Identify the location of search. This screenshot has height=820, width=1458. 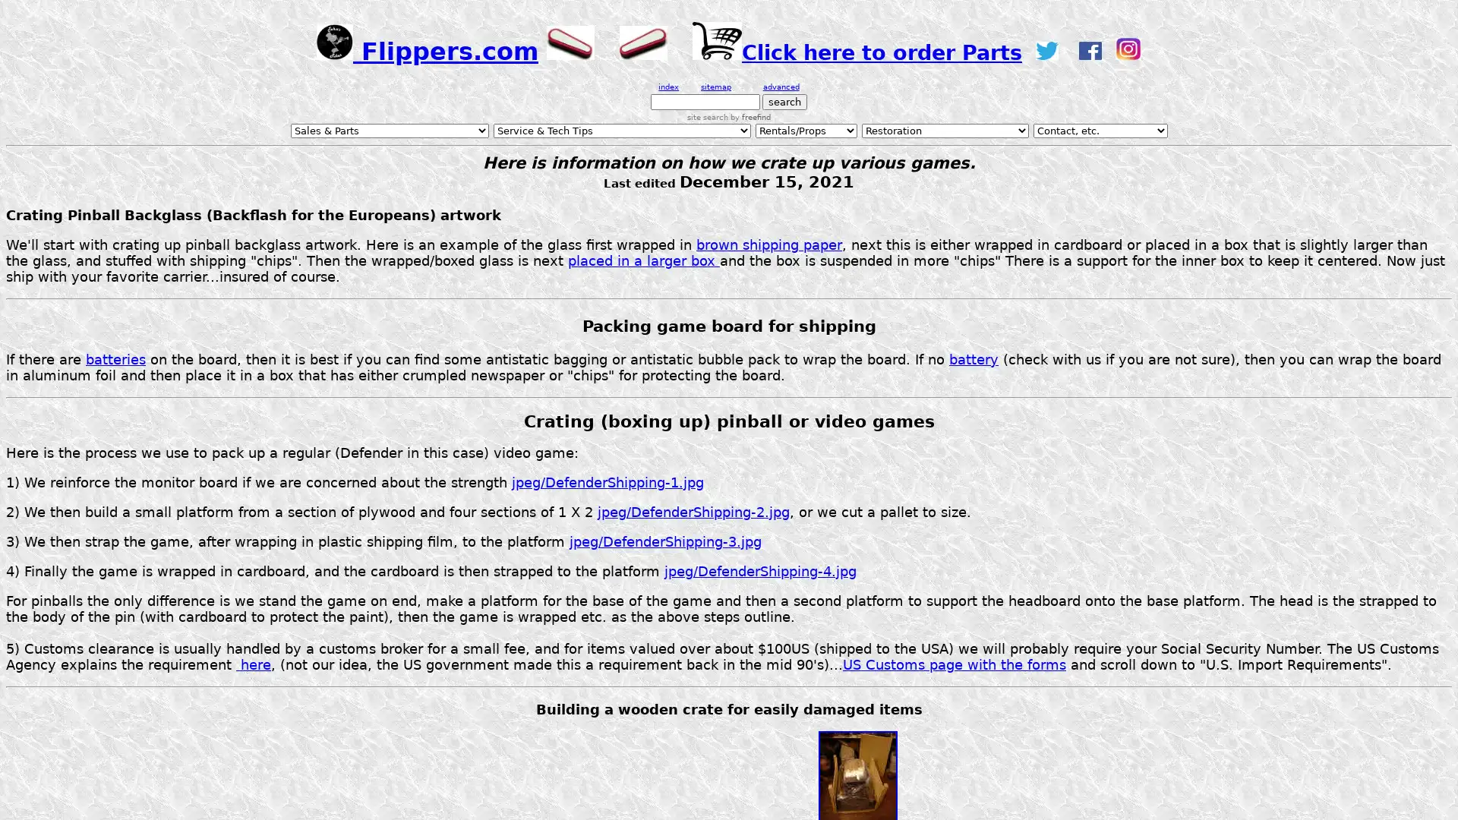
(784, 102).